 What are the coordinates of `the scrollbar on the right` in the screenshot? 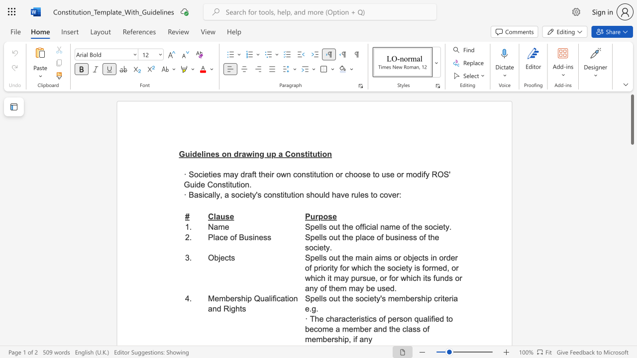 It's located at (632, 307).